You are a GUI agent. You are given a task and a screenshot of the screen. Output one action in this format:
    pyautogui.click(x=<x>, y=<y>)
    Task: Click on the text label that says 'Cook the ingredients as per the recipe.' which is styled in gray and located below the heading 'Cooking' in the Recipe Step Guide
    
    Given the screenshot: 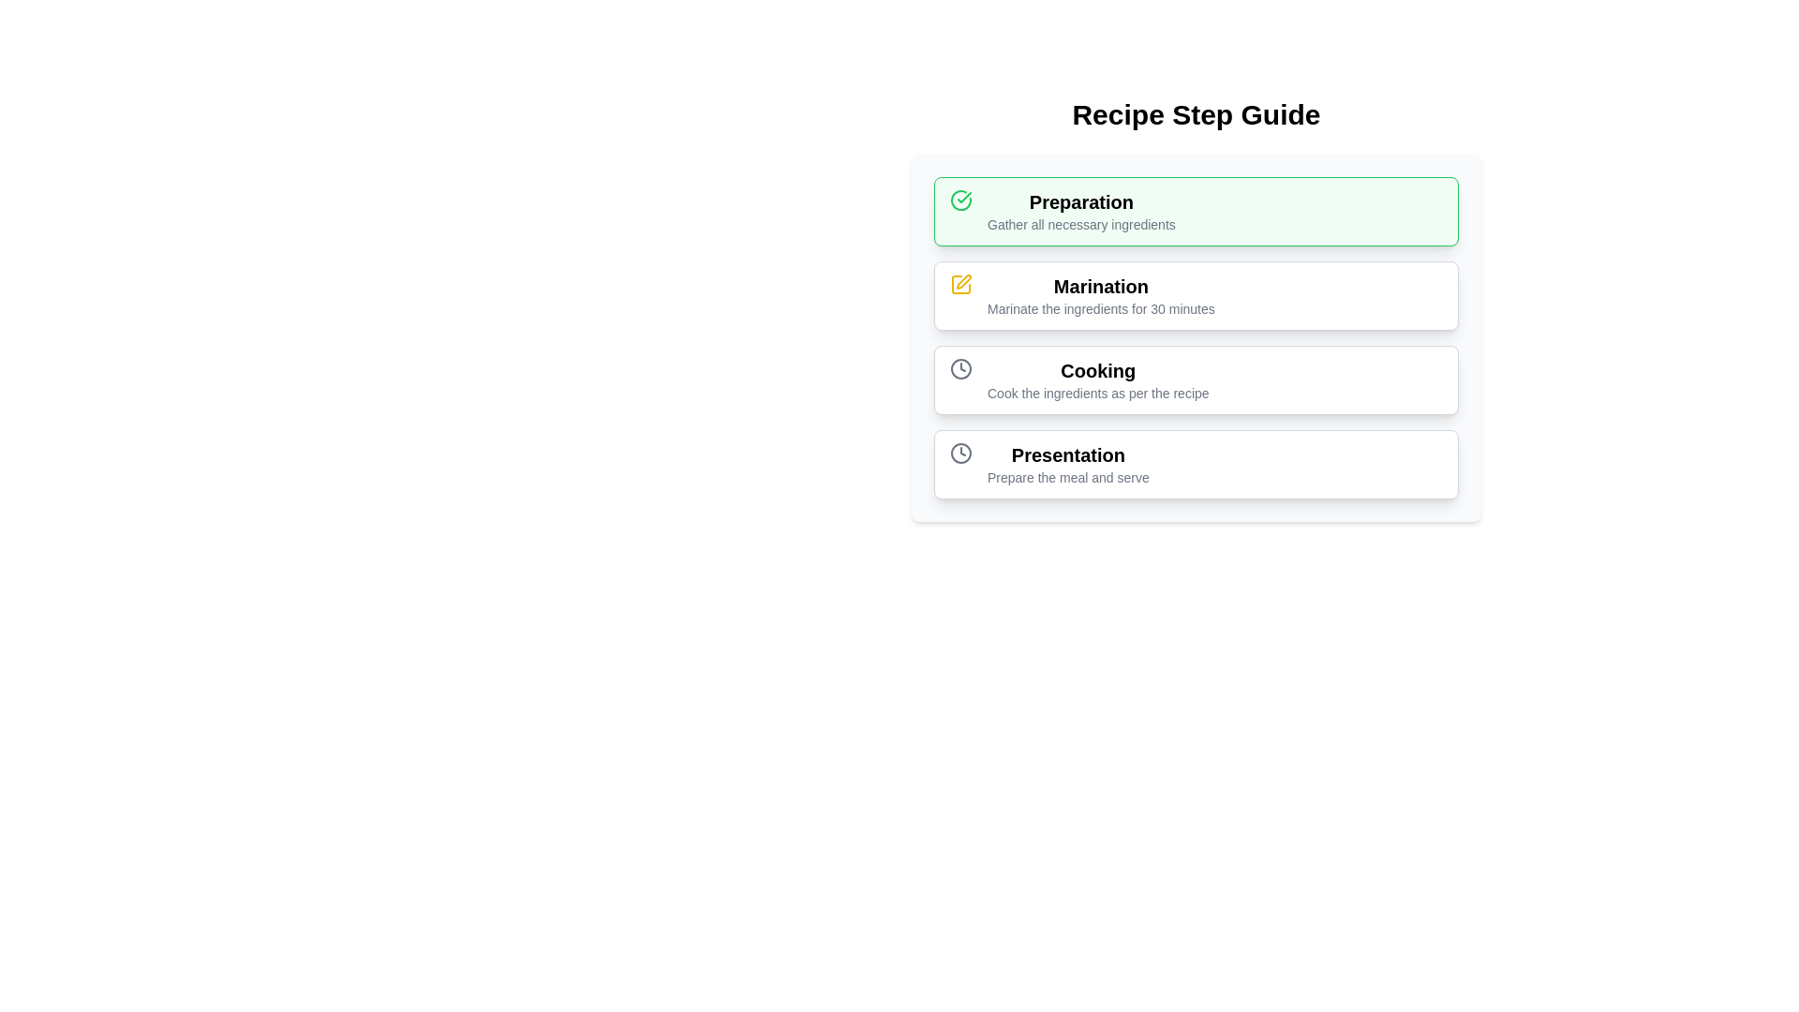 What is the action you would take?
    pyautogui.click(x=1098, y=393)
    